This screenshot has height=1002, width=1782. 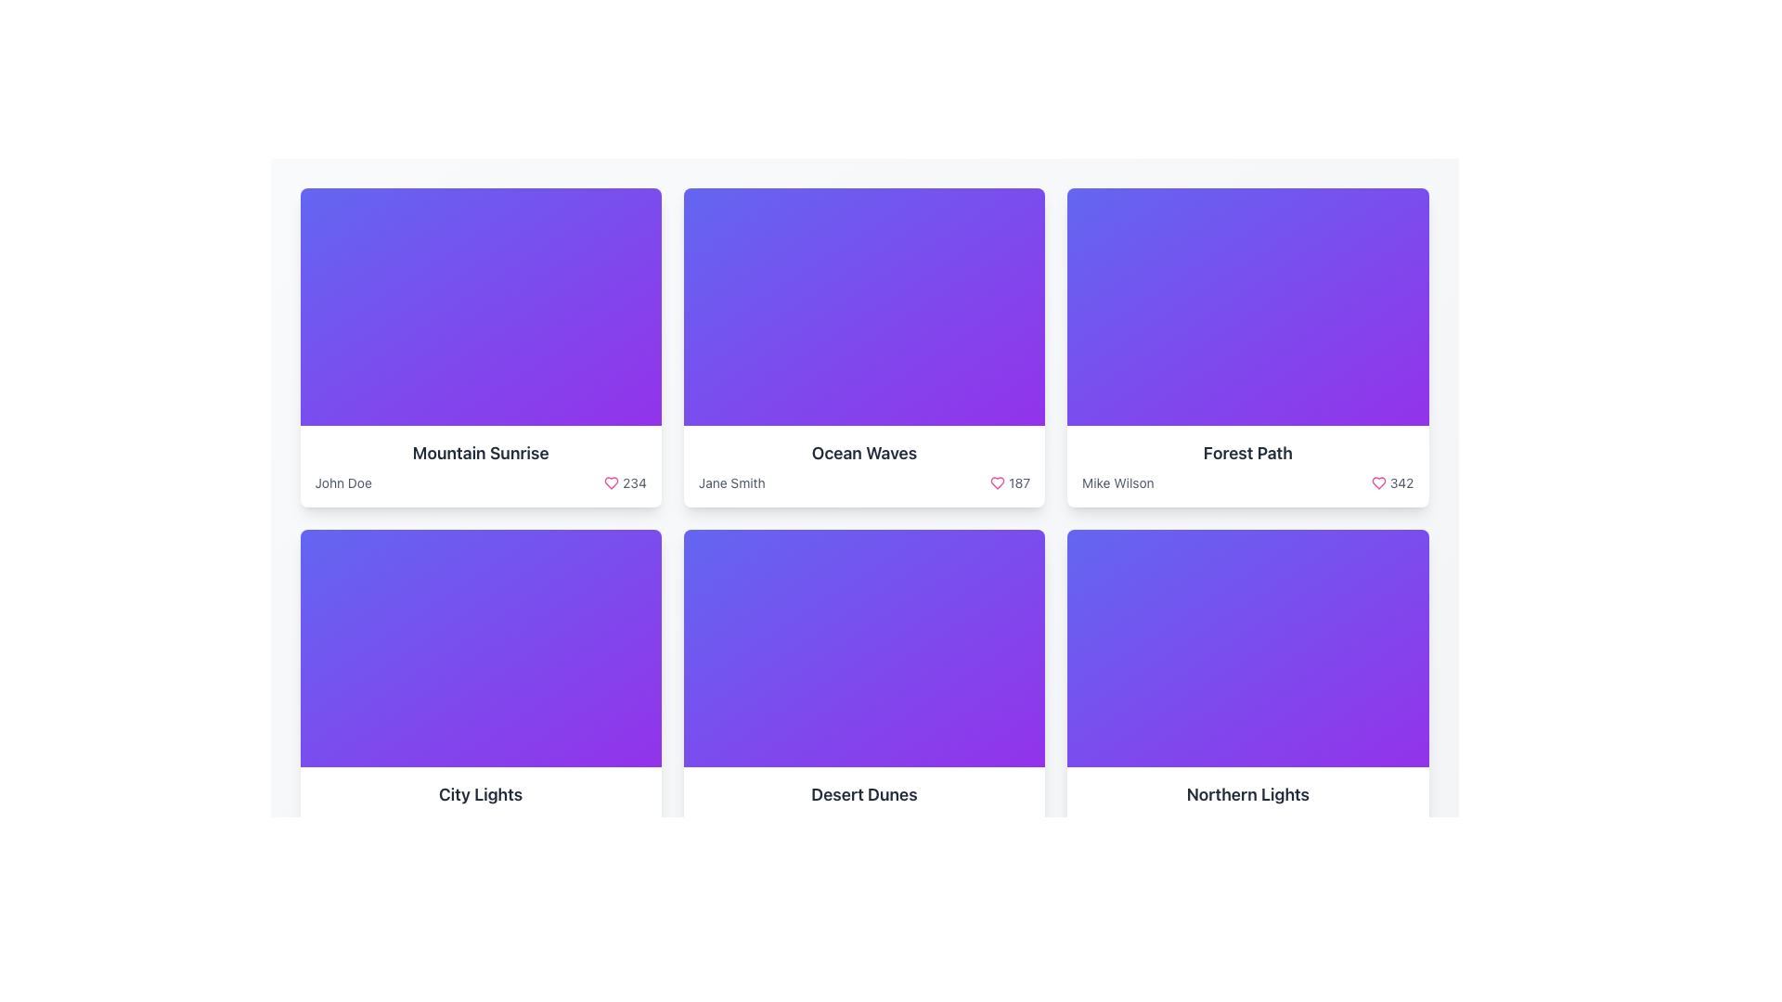 What do you see at coordinates (481, 689) in the screenshot?
I see `the 'City Lights' card, which has a white background, rounded corners, and contains a title in bold font` at bounding box center [481, 689].